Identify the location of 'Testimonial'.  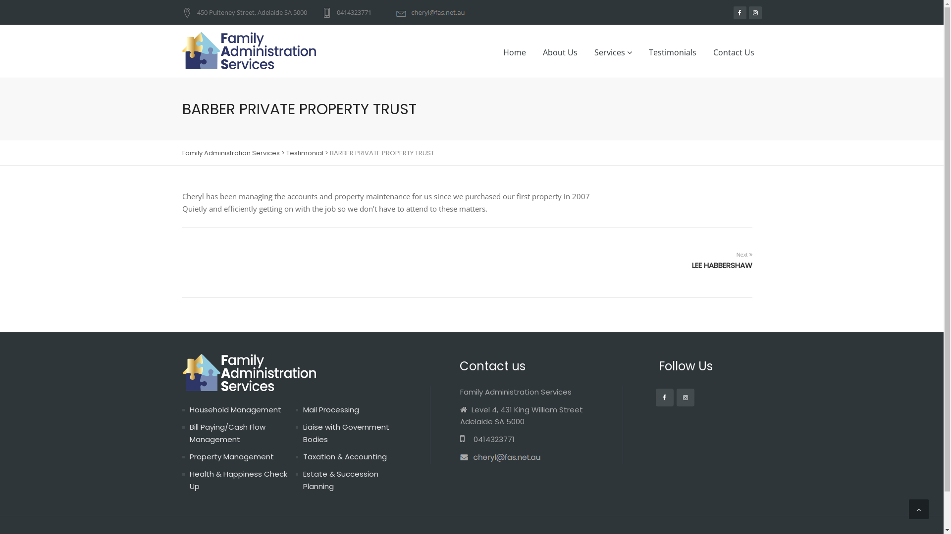
(304, 153).